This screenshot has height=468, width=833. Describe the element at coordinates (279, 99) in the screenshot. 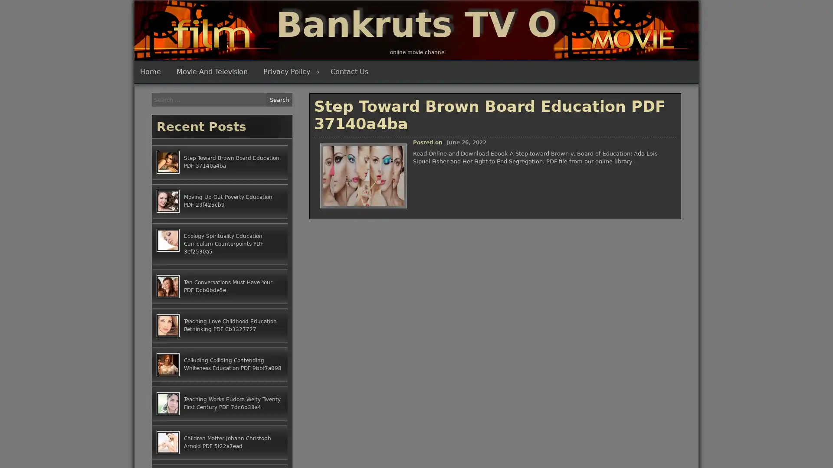

I see `Search` at that location.